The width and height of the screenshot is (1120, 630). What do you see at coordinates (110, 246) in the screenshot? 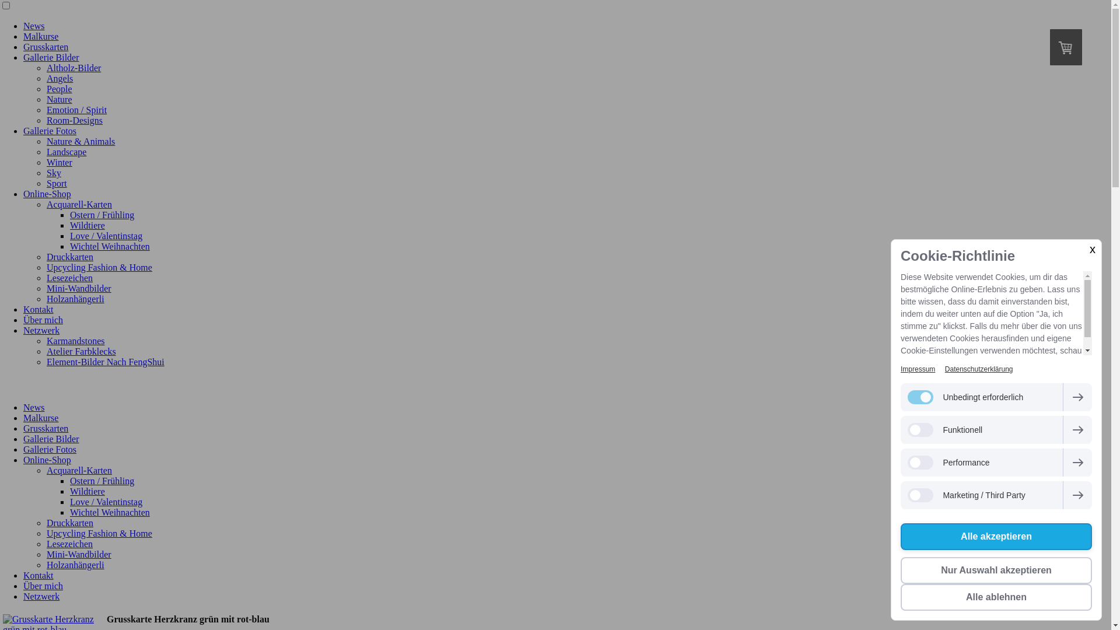
I see `'Wichtel Weihnachten'` at bounding box center [110, 246].